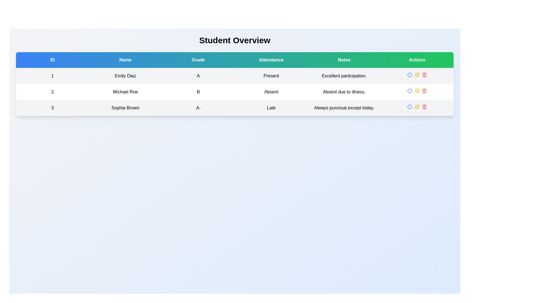 This screenshot has height=303, width=539. I want to click on the red trash can icon located in the 'Actions' column of the second data row, so click(424, 91).